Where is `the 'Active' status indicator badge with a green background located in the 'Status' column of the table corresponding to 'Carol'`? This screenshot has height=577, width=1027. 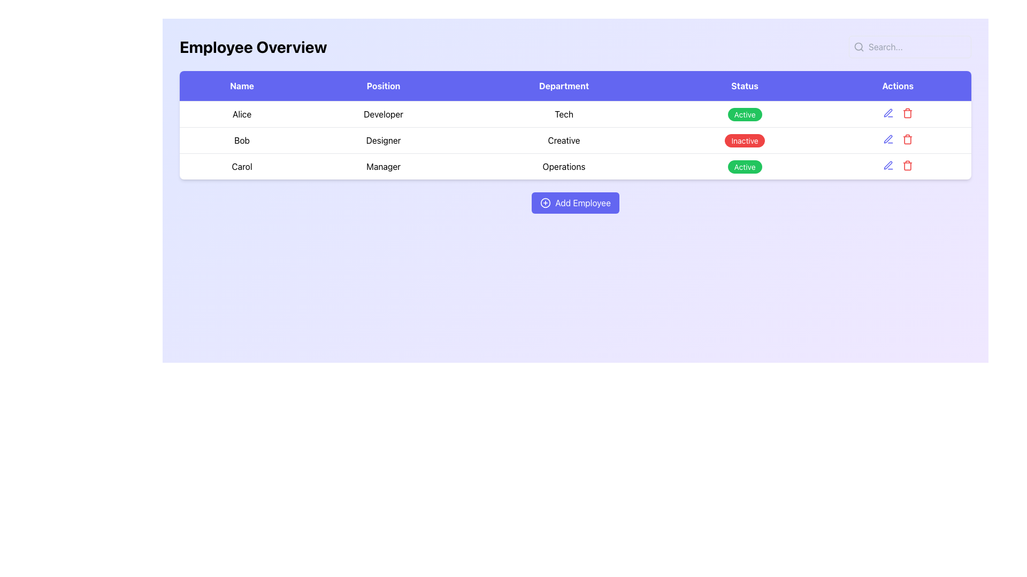
the 'Active' status indicator badge with a green background located in the 'Status' column of the table corresponding to 'Carol' is located at coordinates (744, 166).